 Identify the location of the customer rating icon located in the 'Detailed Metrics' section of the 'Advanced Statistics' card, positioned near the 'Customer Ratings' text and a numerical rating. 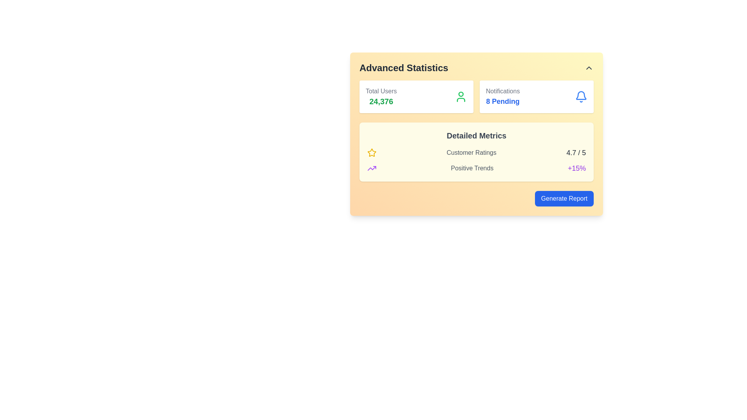
(371, 152).